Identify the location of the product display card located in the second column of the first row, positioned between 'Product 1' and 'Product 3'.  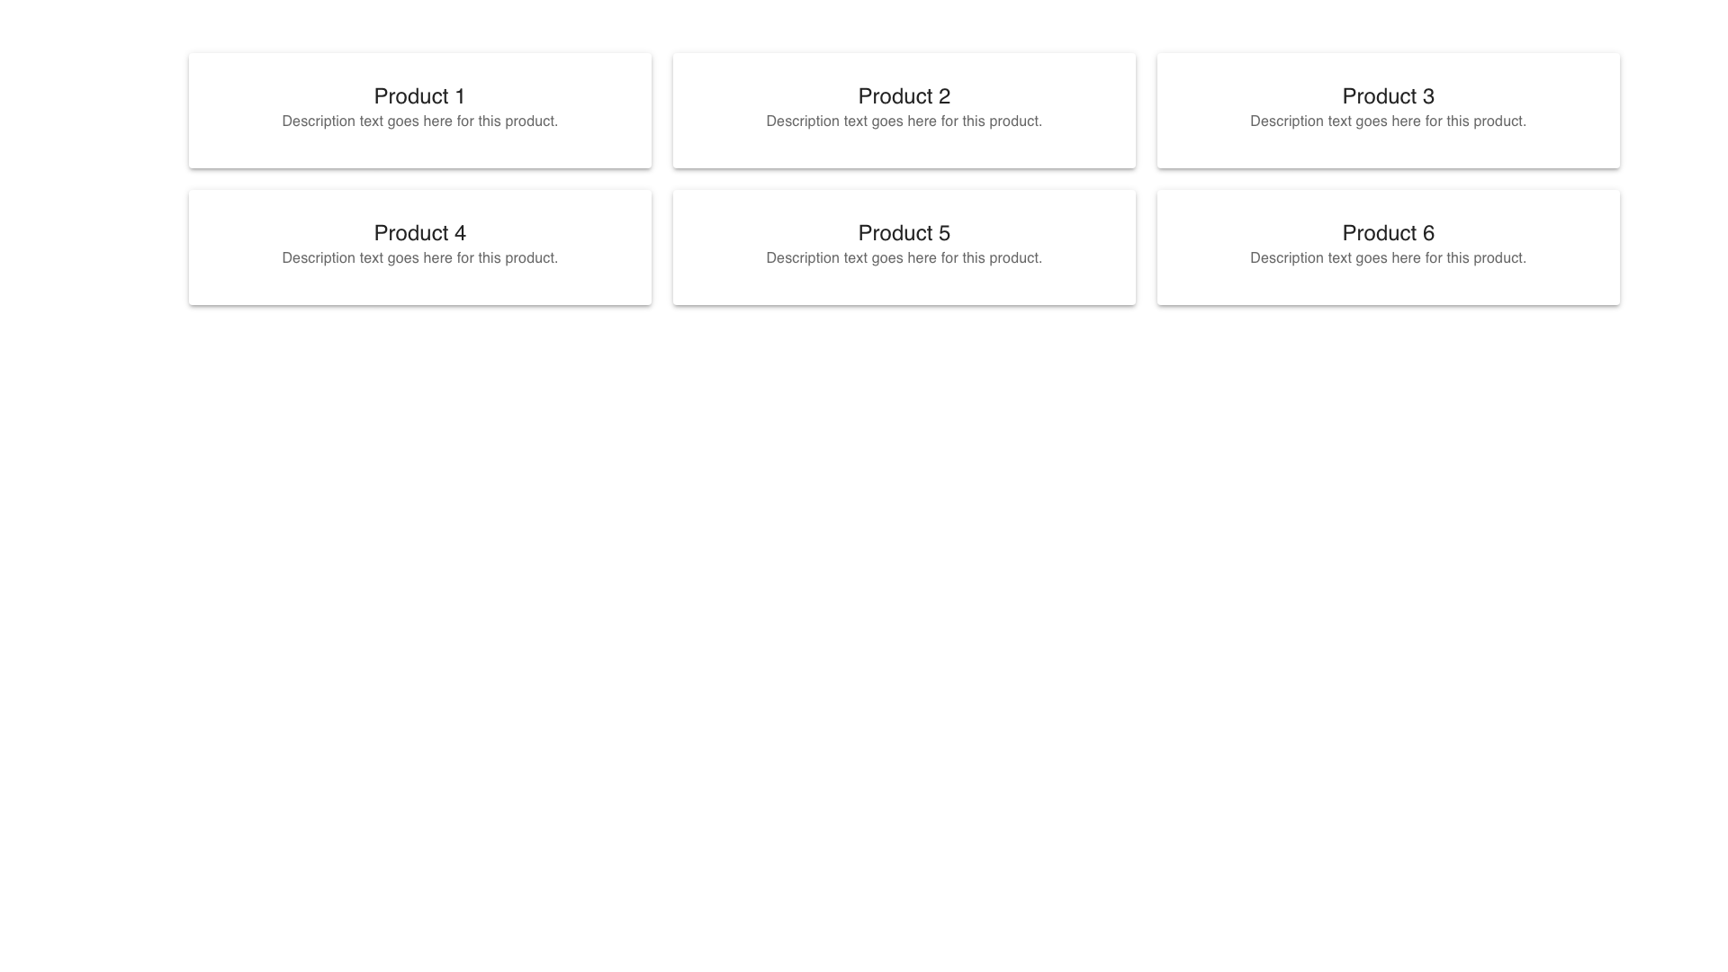
(904, 111).